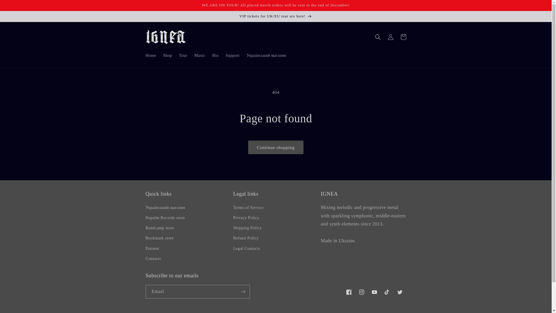  What do you see at coordinates (246, 218) in the screenshot?
I see `'Privacy Policy'` at bounding box center [246, 218].